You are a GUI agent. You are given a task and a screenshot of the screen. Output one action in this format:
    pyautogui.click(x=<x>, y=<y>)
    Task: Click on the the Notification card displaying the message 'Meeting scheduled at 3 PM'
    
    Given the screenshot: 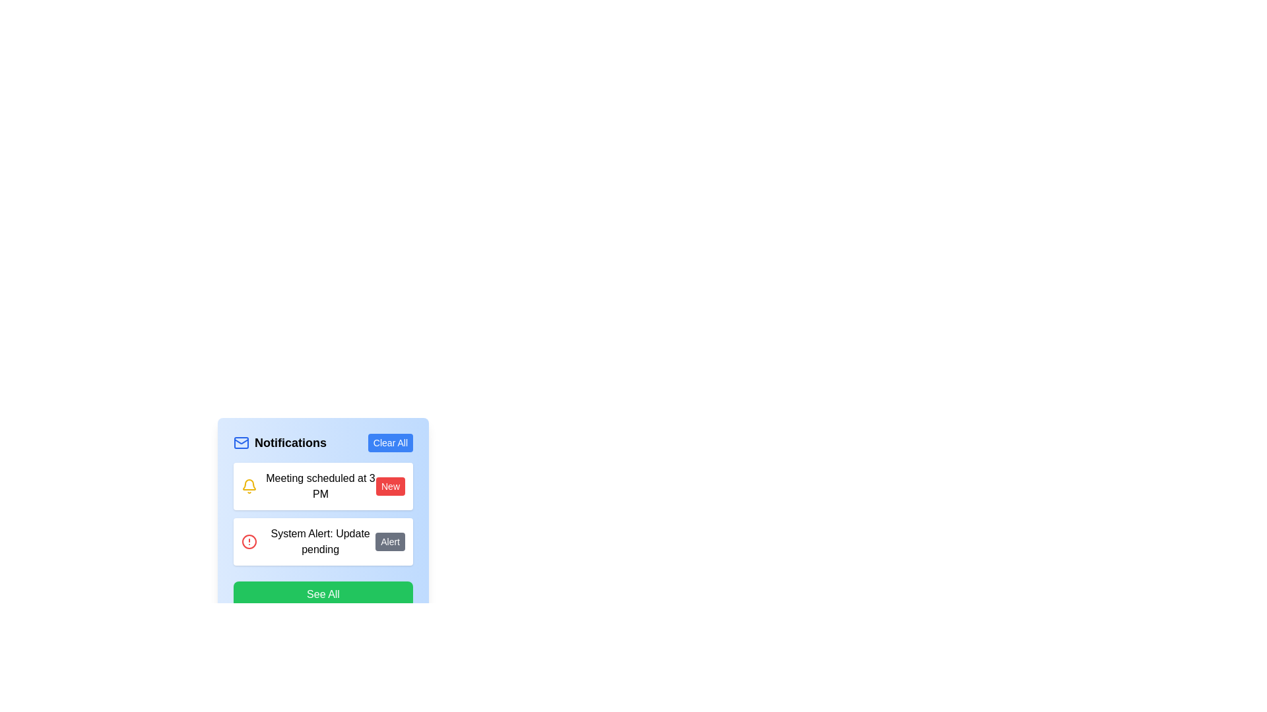 What is the action you would take?
    pyautogui.click(x=323, y=486)
    